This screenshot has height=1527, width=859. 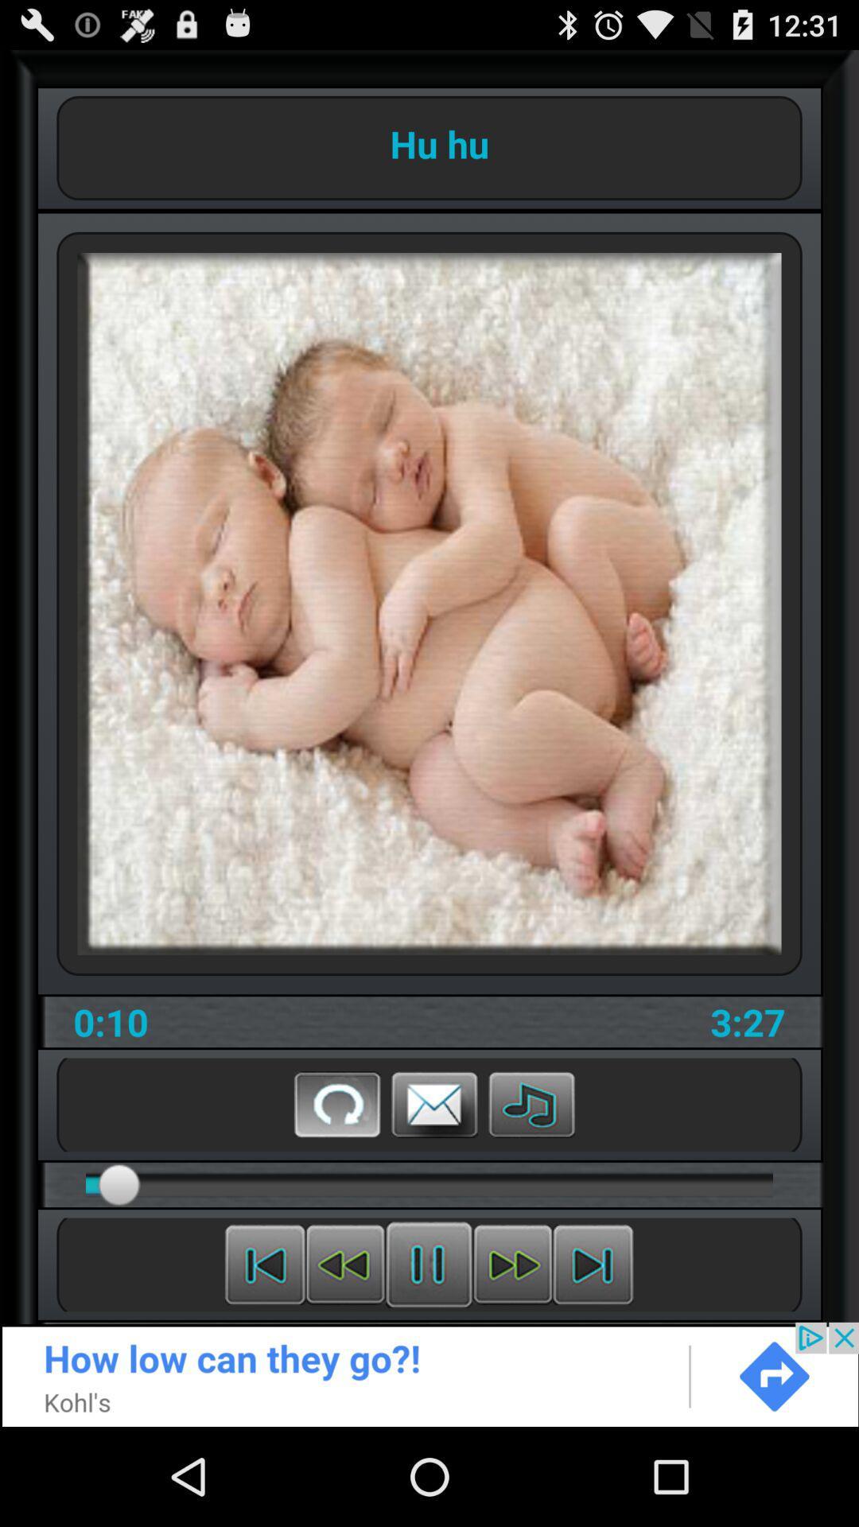 What do you see at coordinates (531, 1182) in the screenshot?
I see `the music icon` at bounding box center [531, 1182].